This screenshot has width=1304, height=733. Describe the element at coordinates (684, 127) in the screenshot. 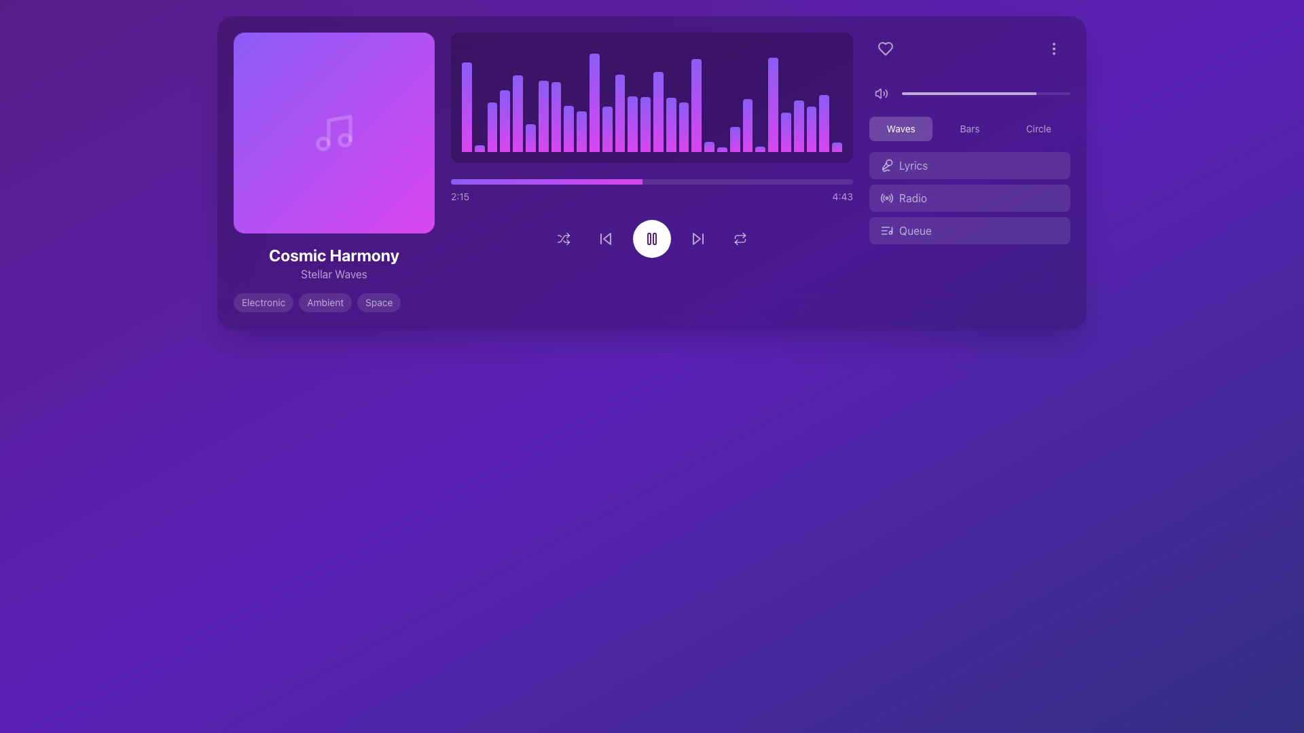

I see `the 17th graphical bar in the waveform visualization that represents audio frequency or amplitude` at that location.